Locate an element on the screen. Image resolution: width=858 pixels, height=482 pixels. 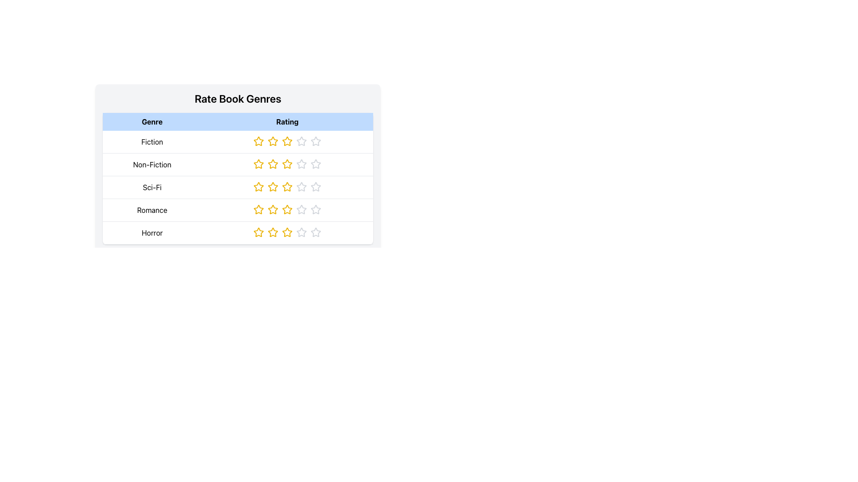
the third star icon in the 'Horror' genre rating section of the 'Rate Book Genres' table is located at coordinates (287, 232).